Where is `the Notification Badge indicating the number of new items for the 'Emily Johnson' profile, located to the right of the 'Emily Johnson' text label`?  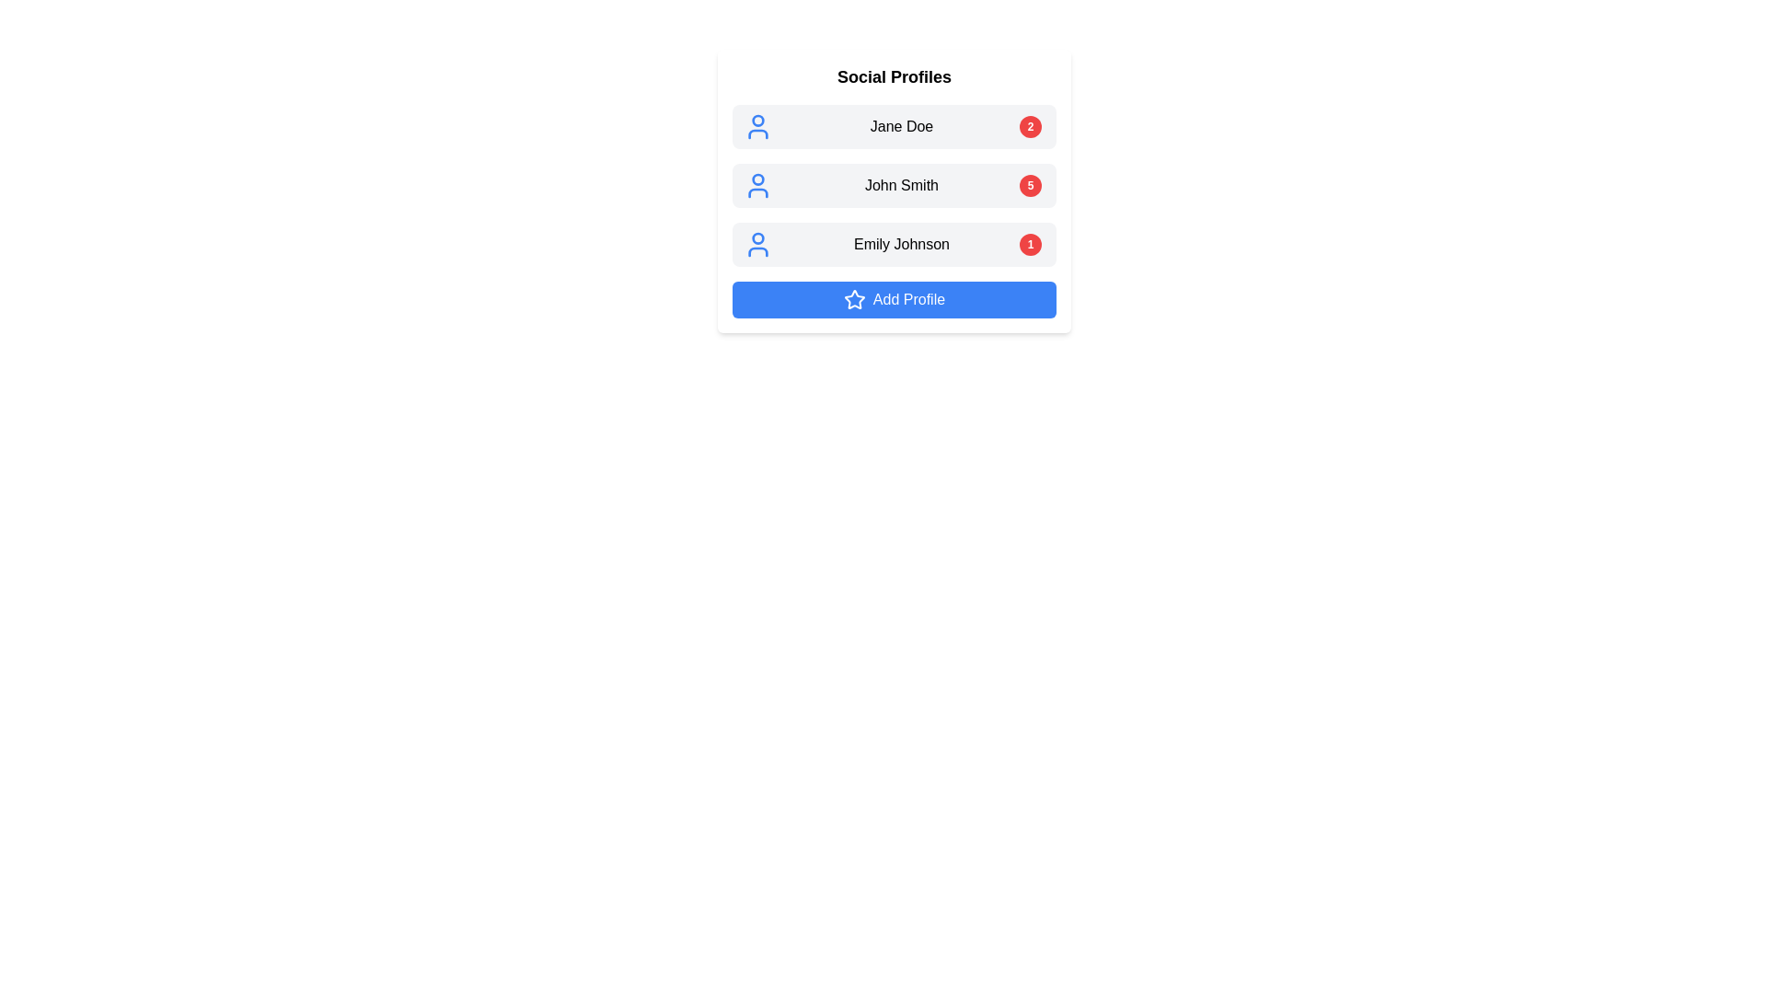
the Notification Badge indicating the number of new items for the 'Emily Johnson' profile, located to the right of the 'Emily Johnson' text label is located at coordinates (1029, 244).